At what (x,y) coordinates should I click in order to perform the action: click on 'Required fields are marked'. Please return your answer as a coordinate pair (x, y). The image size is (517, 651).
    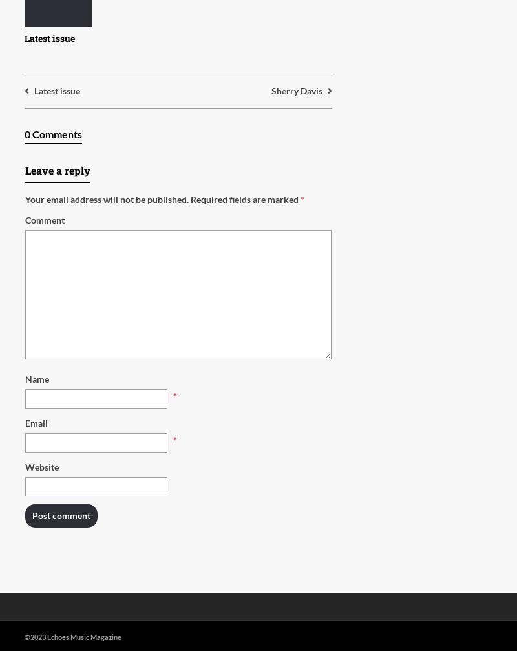
    Looking at the image, I should click on (191, 199).